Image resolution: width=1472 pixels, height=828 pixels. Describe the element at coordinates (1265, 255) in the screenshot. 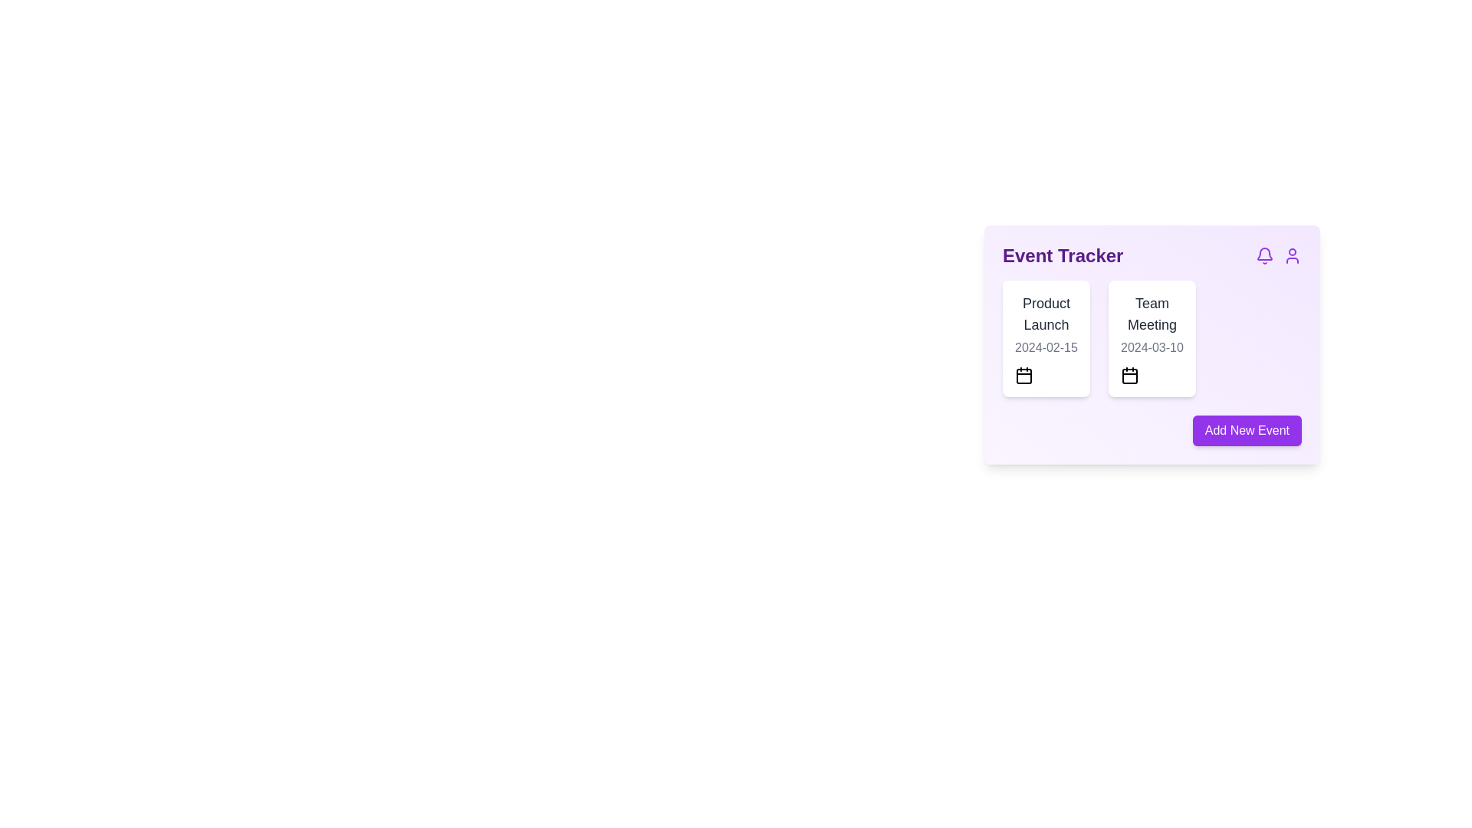

I see `the bell icon, which is styled in purple and is the first icon in a horizontally arranged set located in the top-right corner of the Event Tracker card` at that location.